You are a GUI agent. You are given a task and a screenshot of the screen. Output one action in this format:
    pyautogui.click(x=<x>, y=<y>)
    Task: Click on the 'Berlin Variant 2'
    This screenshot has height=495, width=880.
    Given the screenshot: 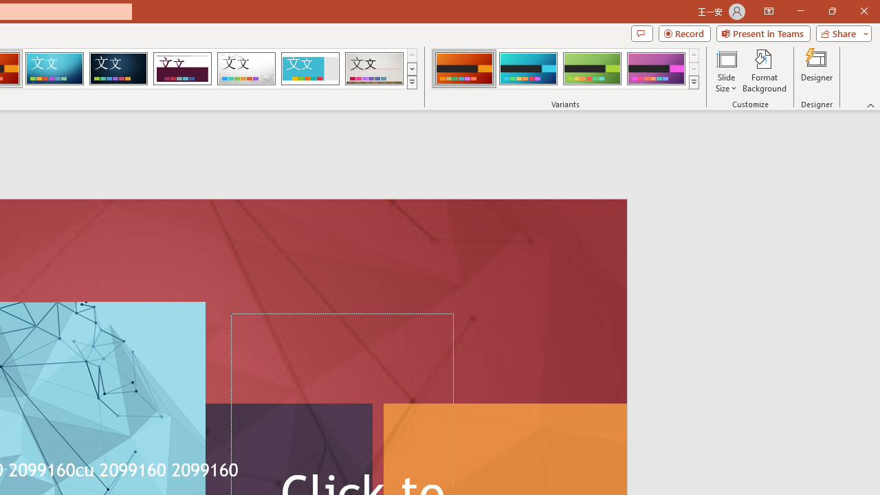 What is the action you would take?
    pyautogui.click(x=527, y=69)
    